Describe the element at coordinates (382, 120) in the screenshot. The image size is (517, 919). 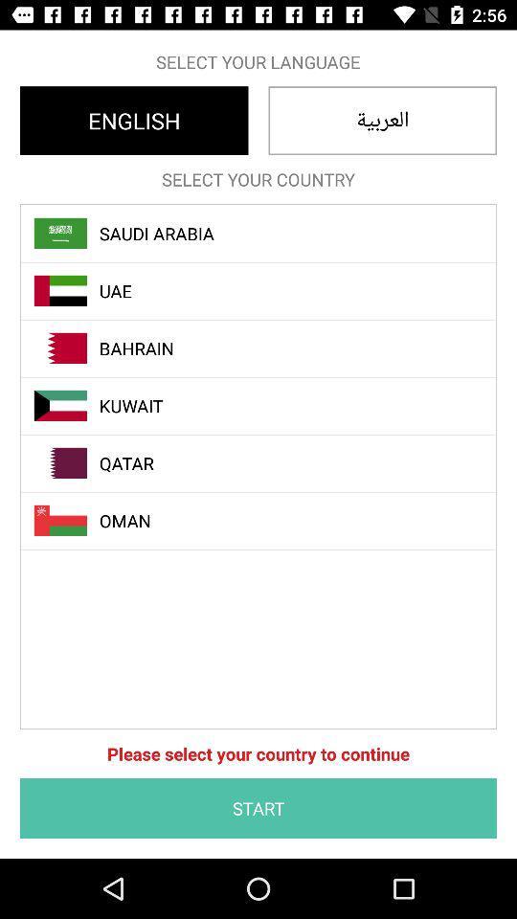
I see `item to the right of the english icon` at that location.